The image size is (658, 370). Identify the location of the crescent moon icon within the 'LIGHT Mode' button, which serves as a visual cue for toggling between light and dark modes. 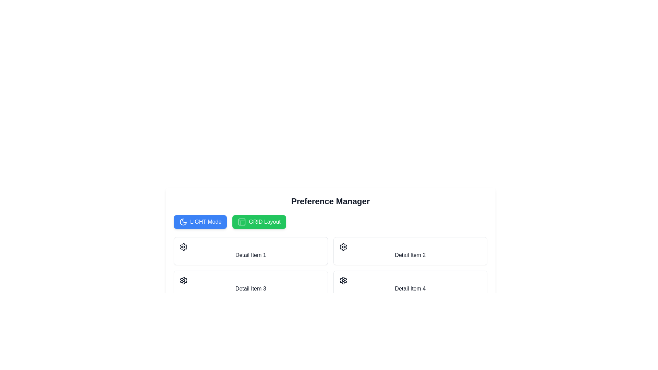
(183, 222).